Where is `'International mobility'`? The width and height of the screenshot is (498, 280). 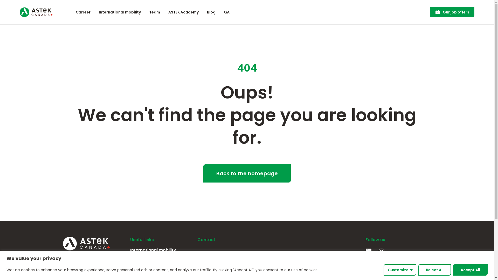 'International mobility' is located at coordinates (119, 12).